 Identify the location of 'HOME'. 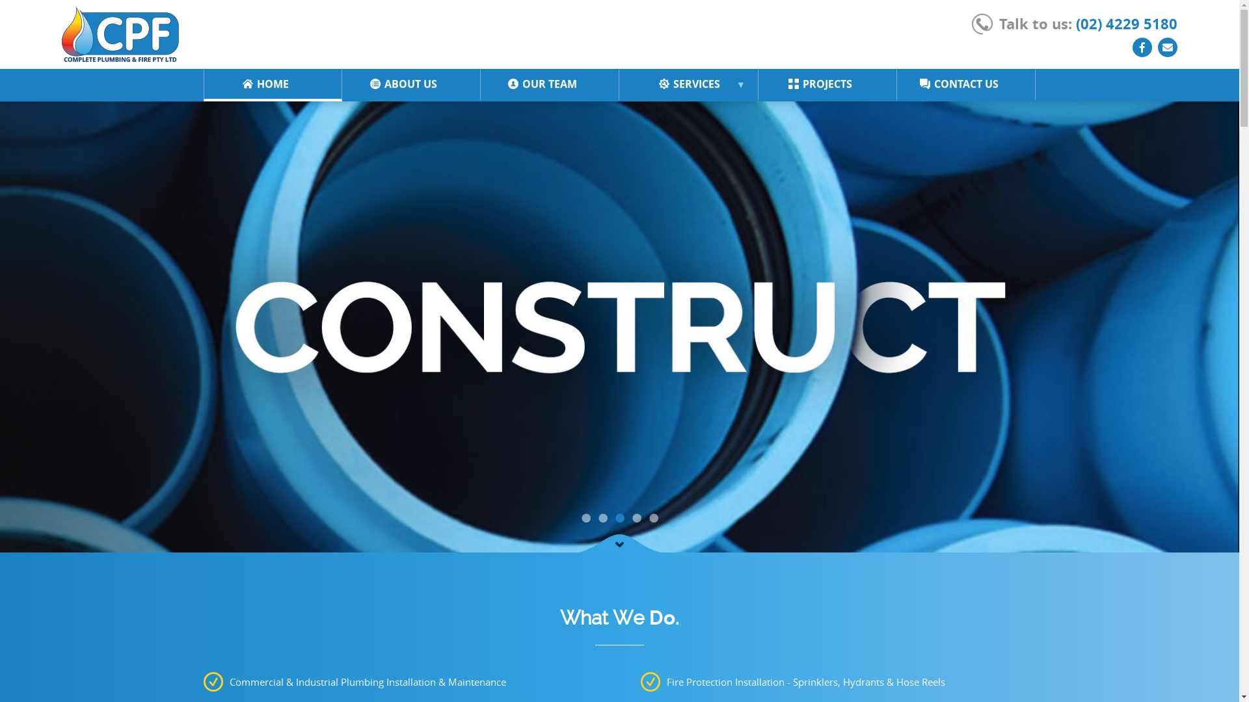
(240, 83).